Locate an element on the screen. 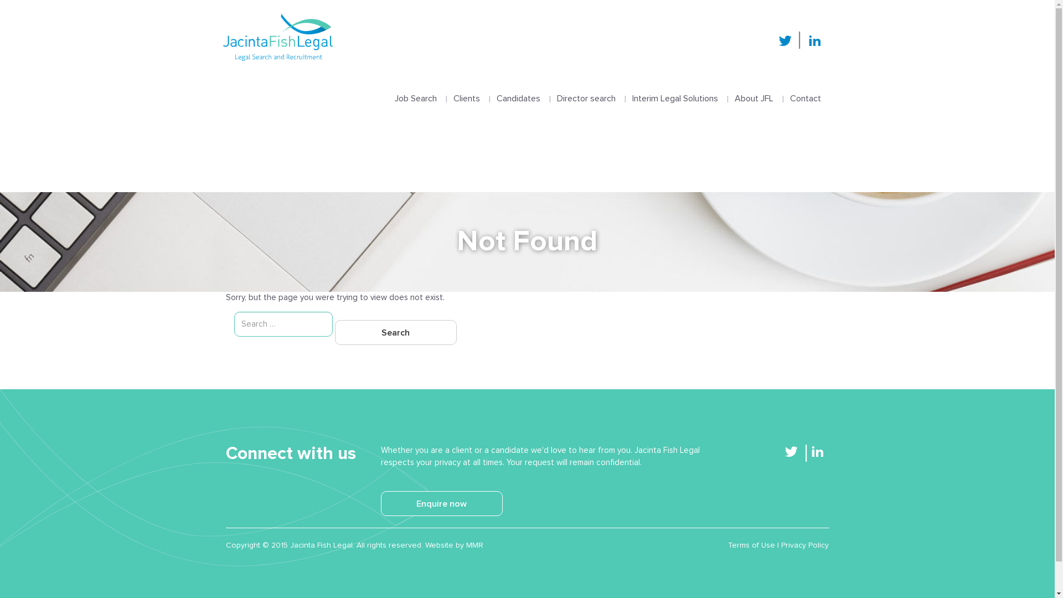  'MMR' is located at coordinates (474, 544).